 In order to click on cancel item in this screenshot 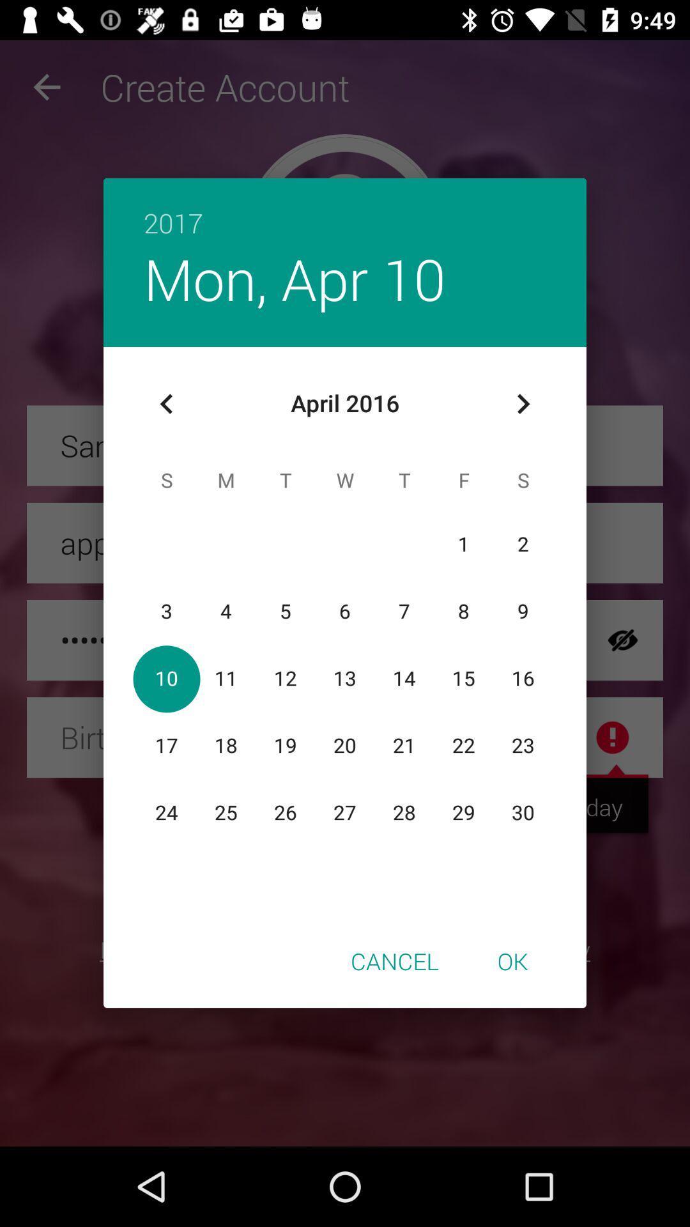, I will do `click(394, 961)`.